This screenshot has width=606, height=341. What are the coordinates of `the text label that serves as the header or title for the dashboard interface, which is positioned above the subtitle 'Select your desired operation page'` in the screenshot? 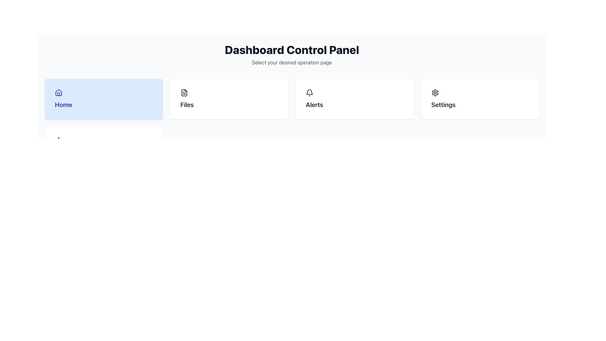 It's located at (292, 50).